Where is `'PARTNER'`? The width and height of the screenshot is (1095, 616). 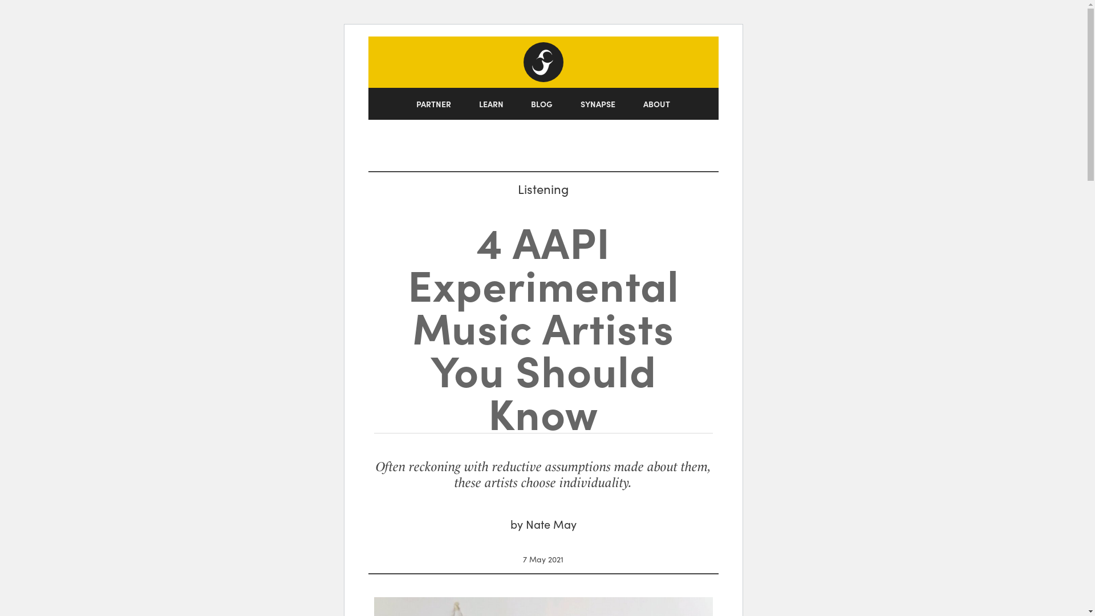
'PARTNER' is located at coordinates (433, 103).